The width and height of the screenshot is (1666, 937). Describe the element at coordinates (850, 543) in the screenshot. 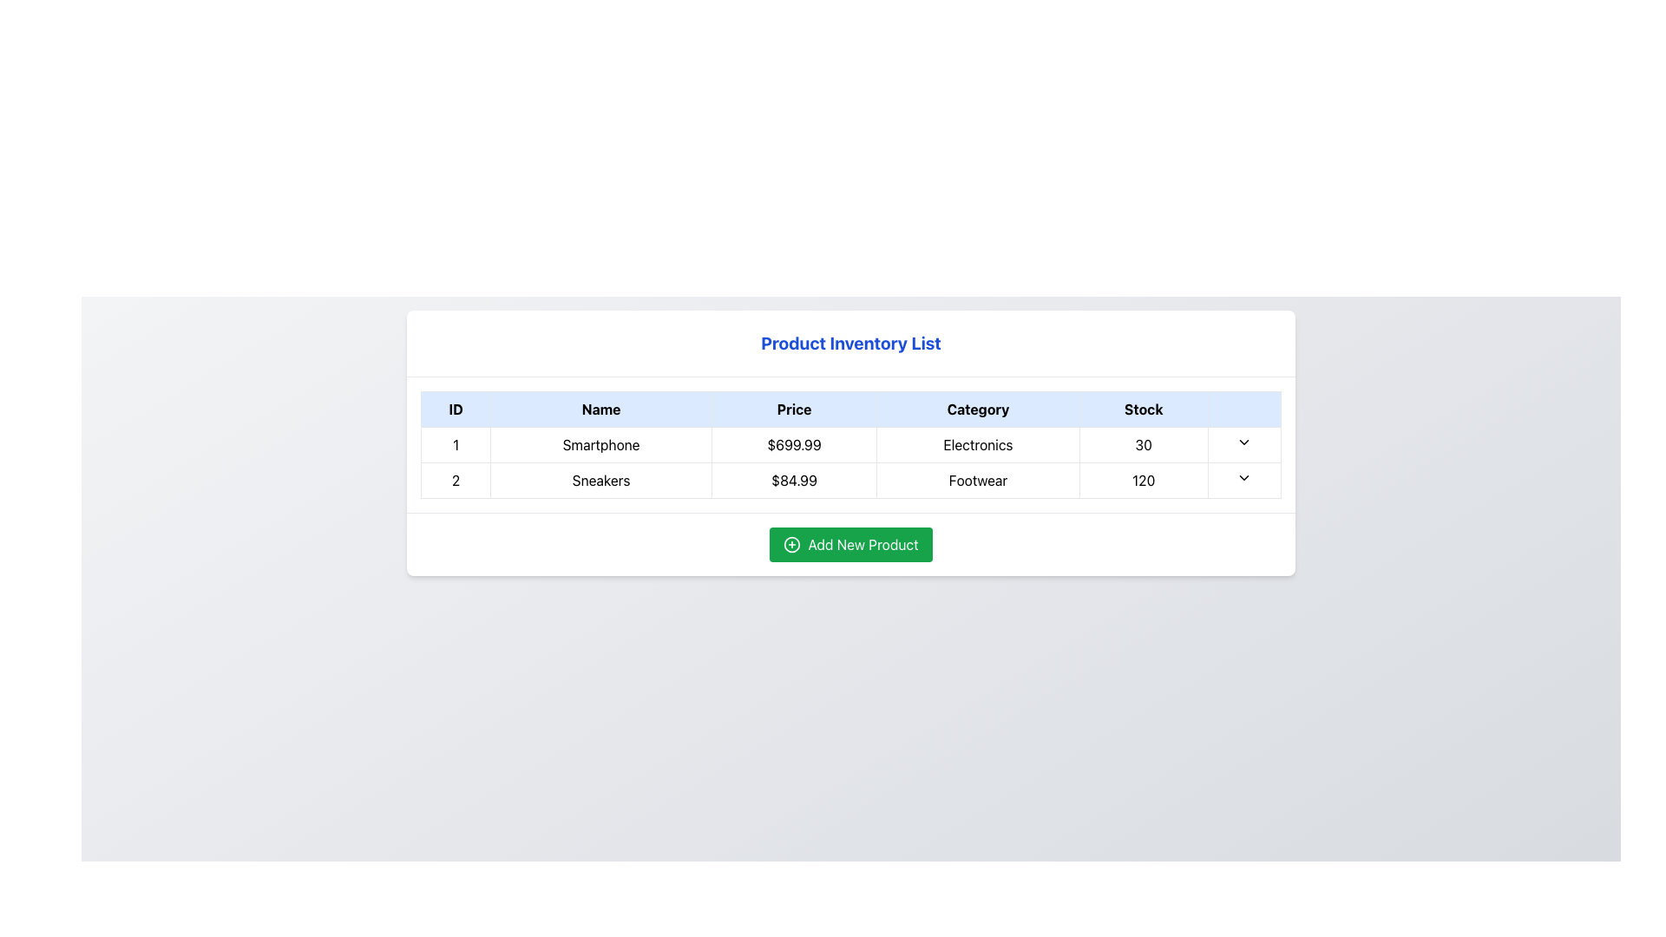

I see `the green rectangular button labeled 'Add New Product' located at the bottom of the product inventory section for feedback` at that location.